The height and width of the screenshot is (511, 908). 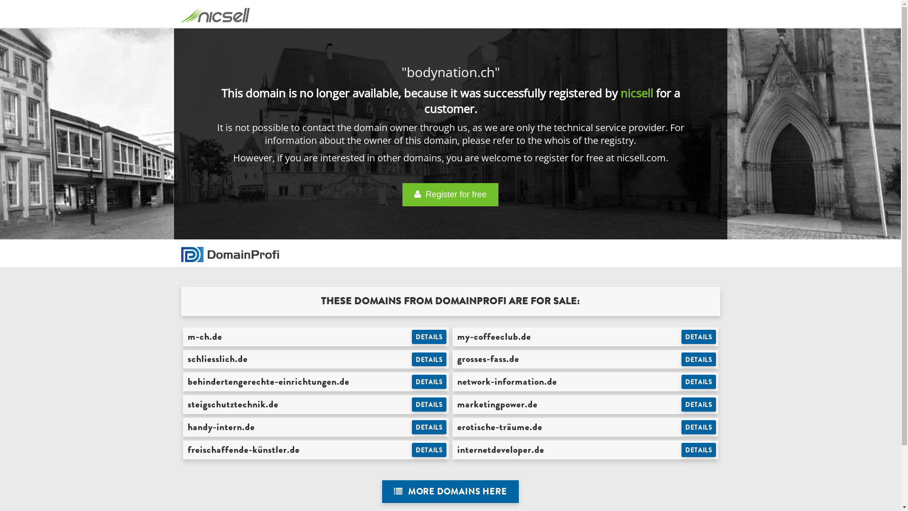 What do you see at coordinates (411, 405) in the screenshot?
I see `'DETAILS'` at bounding box center [411, 405].